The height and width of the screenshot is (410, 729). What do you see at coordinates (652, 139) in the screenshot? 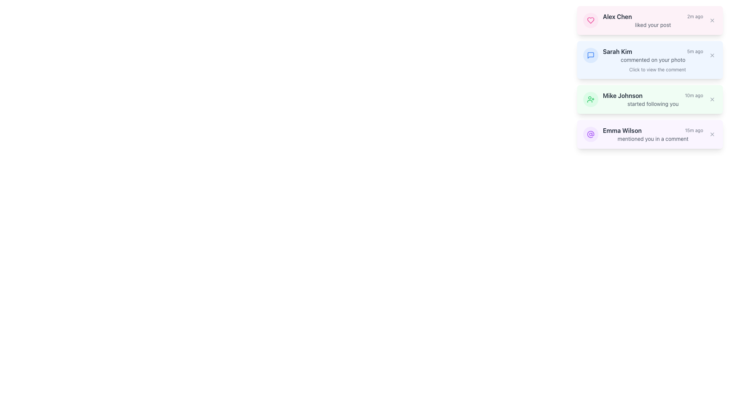
I see `the textual notification stating 'mentioned you in a comment' inside the notification area associated with 'Emma Wilson'` at bounding box center [652, 139].